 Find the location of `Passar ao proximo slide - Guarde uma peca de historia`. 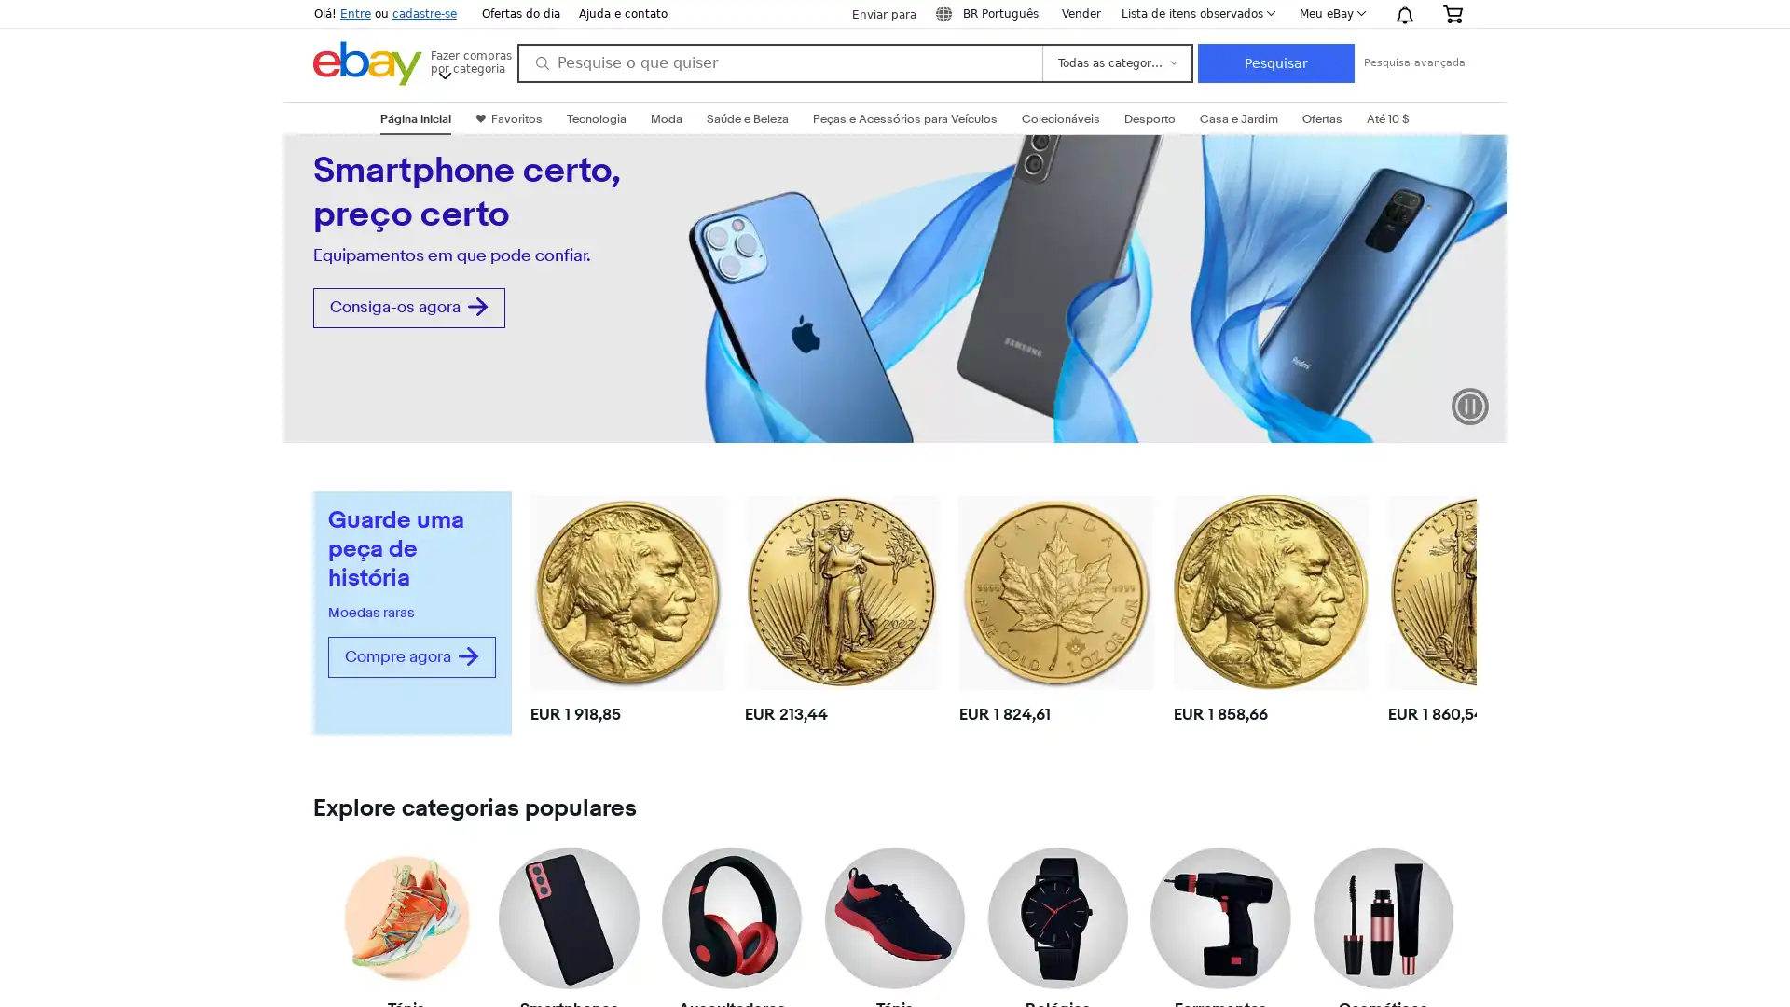

Passar ao proximo slide - Guarde uma peca de historia is located at coordinates (1461, 607).